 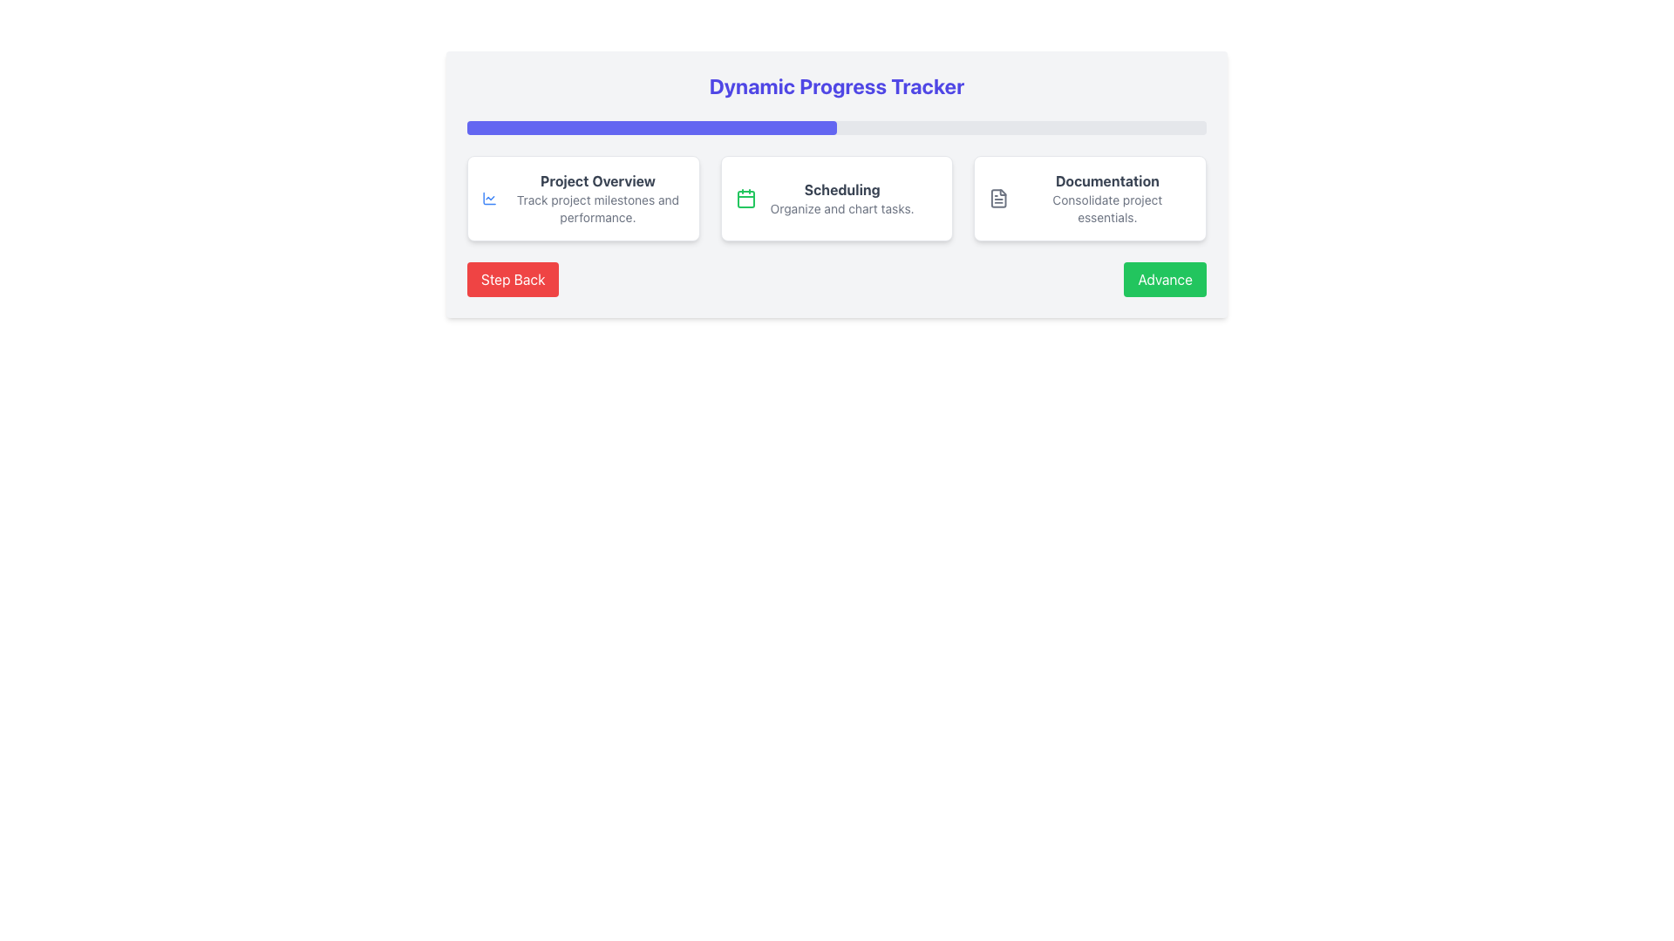 What do you see at coordinates (583, 197) in the screenshot?
I see `the 'Project Overview' card, which is the first card in a row of three, located in the top left area of the grid layout` at bounding box center [583, 197].